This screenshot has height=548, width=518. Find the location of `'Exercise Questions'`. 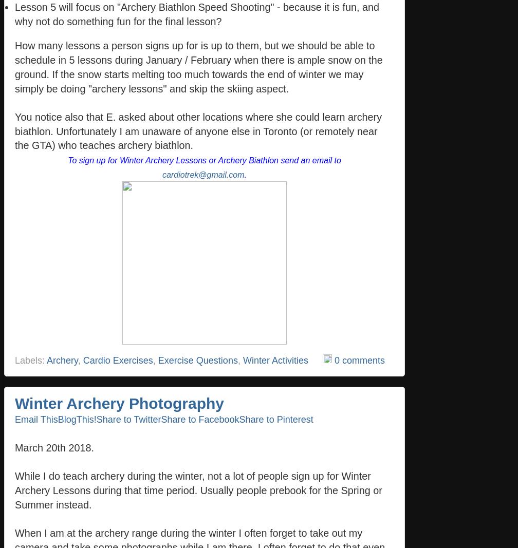

'Exercise Questions' is located at coordinates (197, 360).